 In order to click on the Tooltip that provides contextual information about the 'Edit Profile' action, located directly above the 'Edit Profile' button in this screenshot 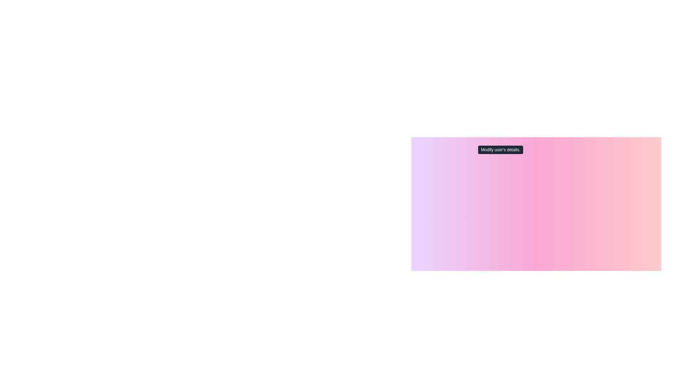, I will do `click(500, 149)`.